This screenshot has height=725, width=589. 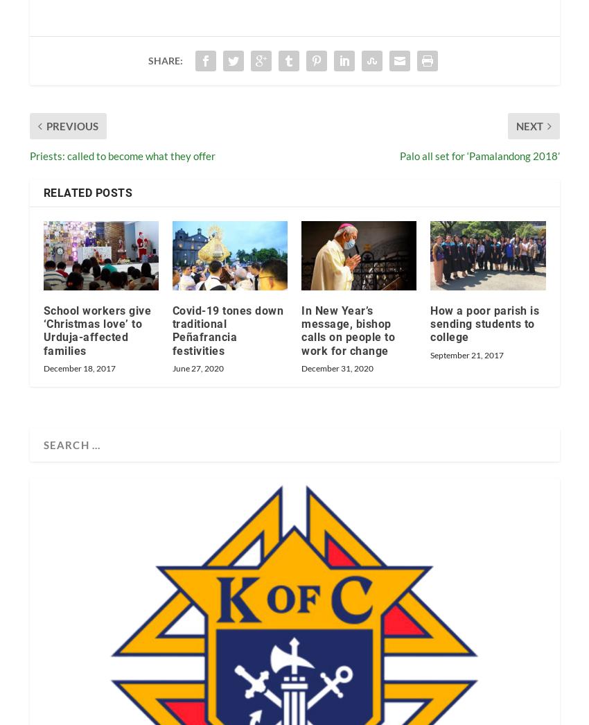 What do you see at coordinates (430, 354) in the screenshot?
I see `'September 21, 2017'` at bounding box center [430, 354].